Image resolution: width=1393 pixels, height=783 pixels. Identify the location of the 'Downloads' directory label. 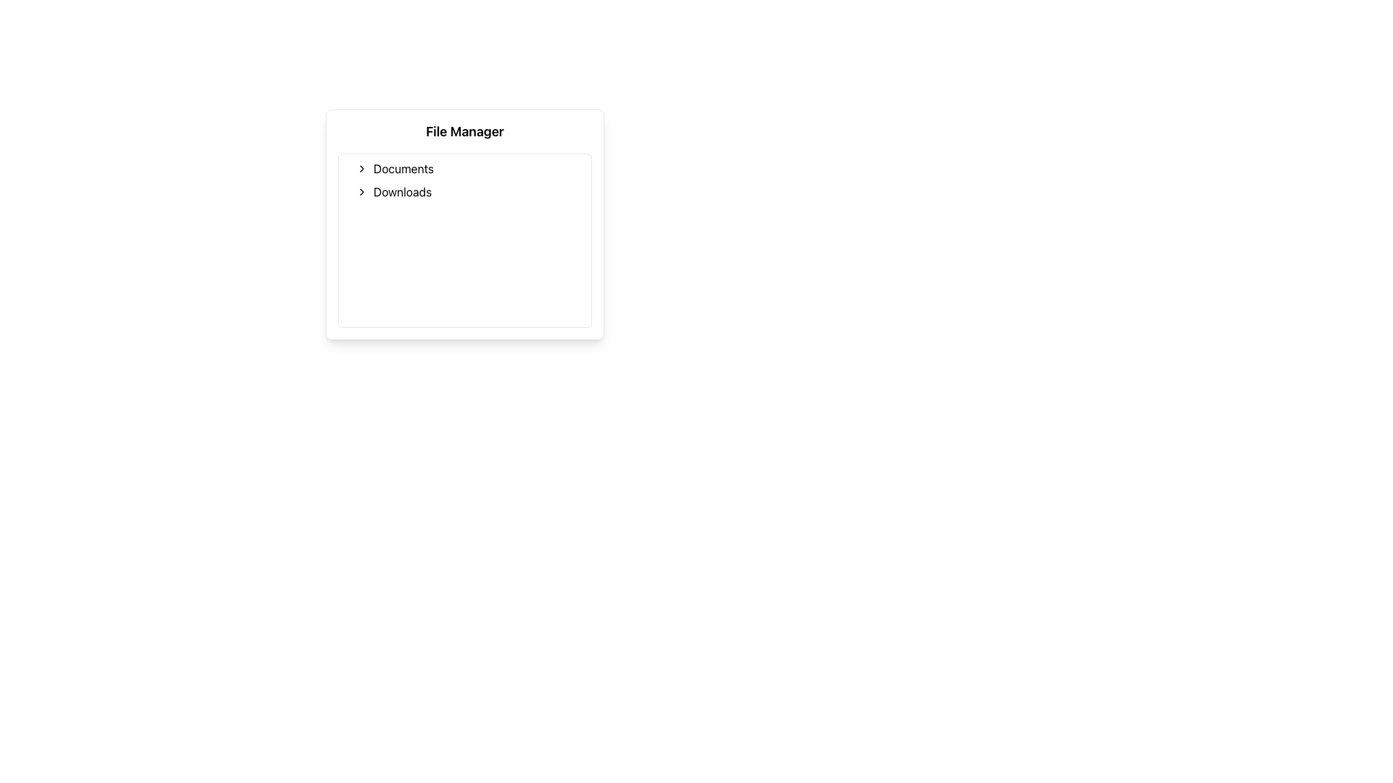
(403, 191).